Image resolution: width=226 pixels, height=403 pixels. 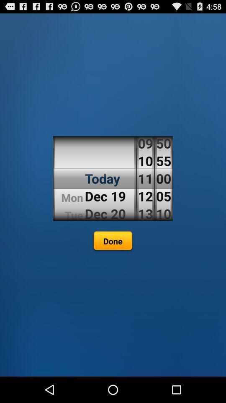 I want to click on the done icon, so click(x=113, y=242).